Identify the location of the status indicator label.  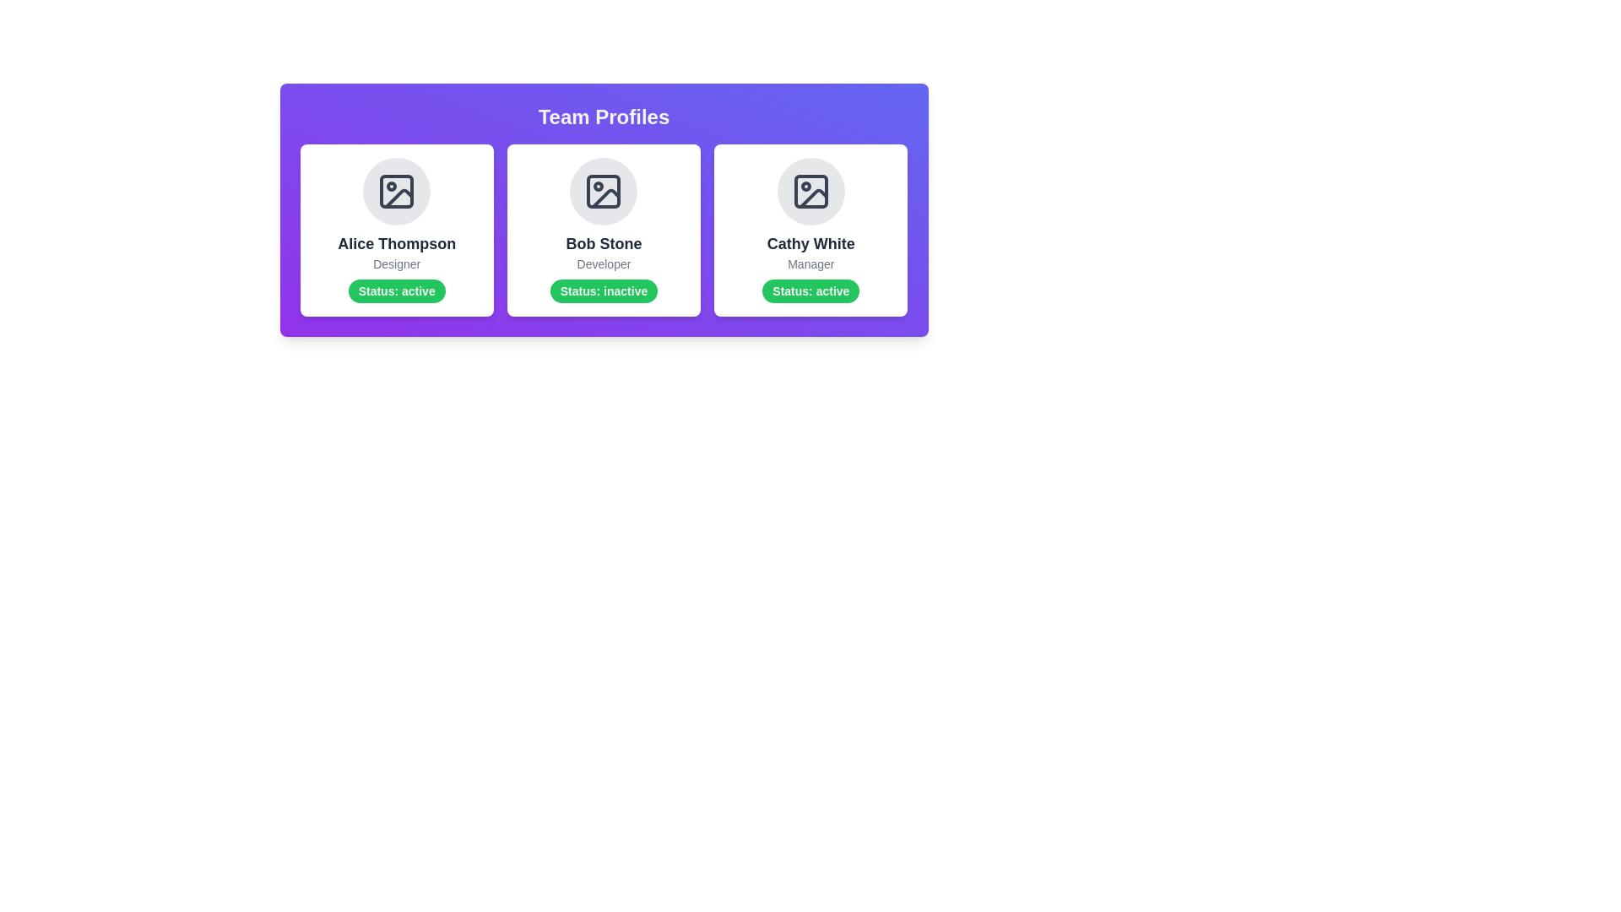
(396, 290).